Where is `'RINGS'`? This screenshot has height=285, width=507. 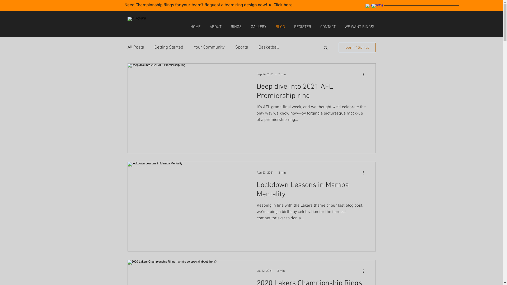
'RINGS' is located at coordinates (236, 27).